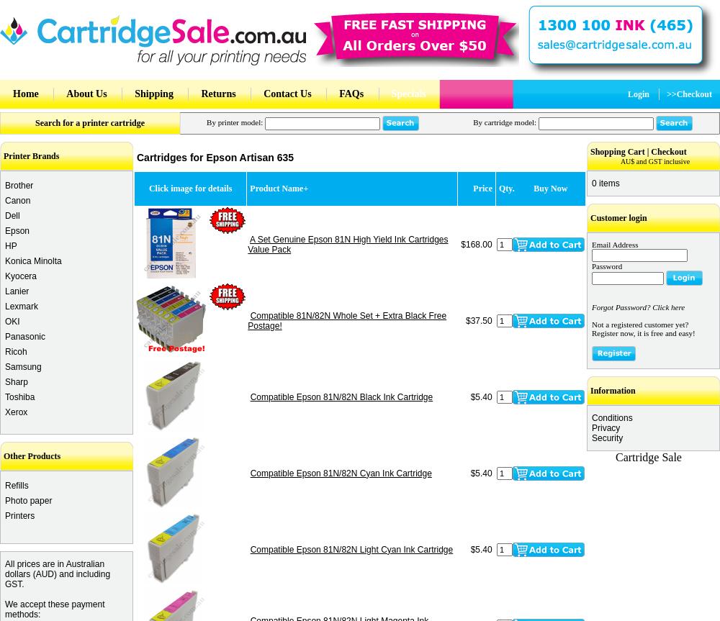  I want to click on 'Price', so click(482, 188).